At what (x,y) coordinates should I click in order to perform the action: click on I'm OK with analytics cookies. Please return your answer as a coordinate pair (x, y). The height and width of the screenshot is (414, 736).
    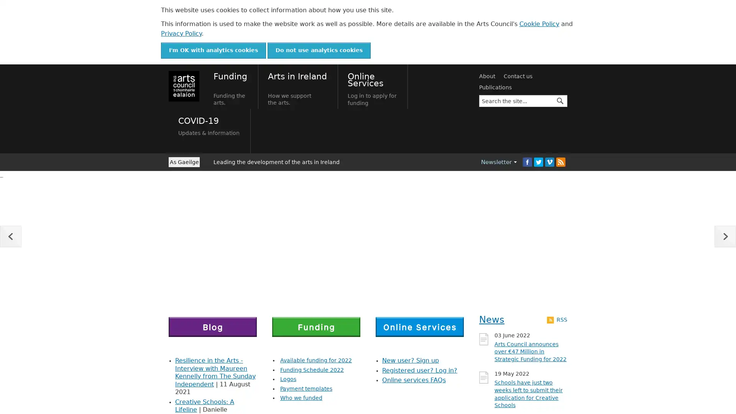
    Looking at the image, I should click on (213, 50).